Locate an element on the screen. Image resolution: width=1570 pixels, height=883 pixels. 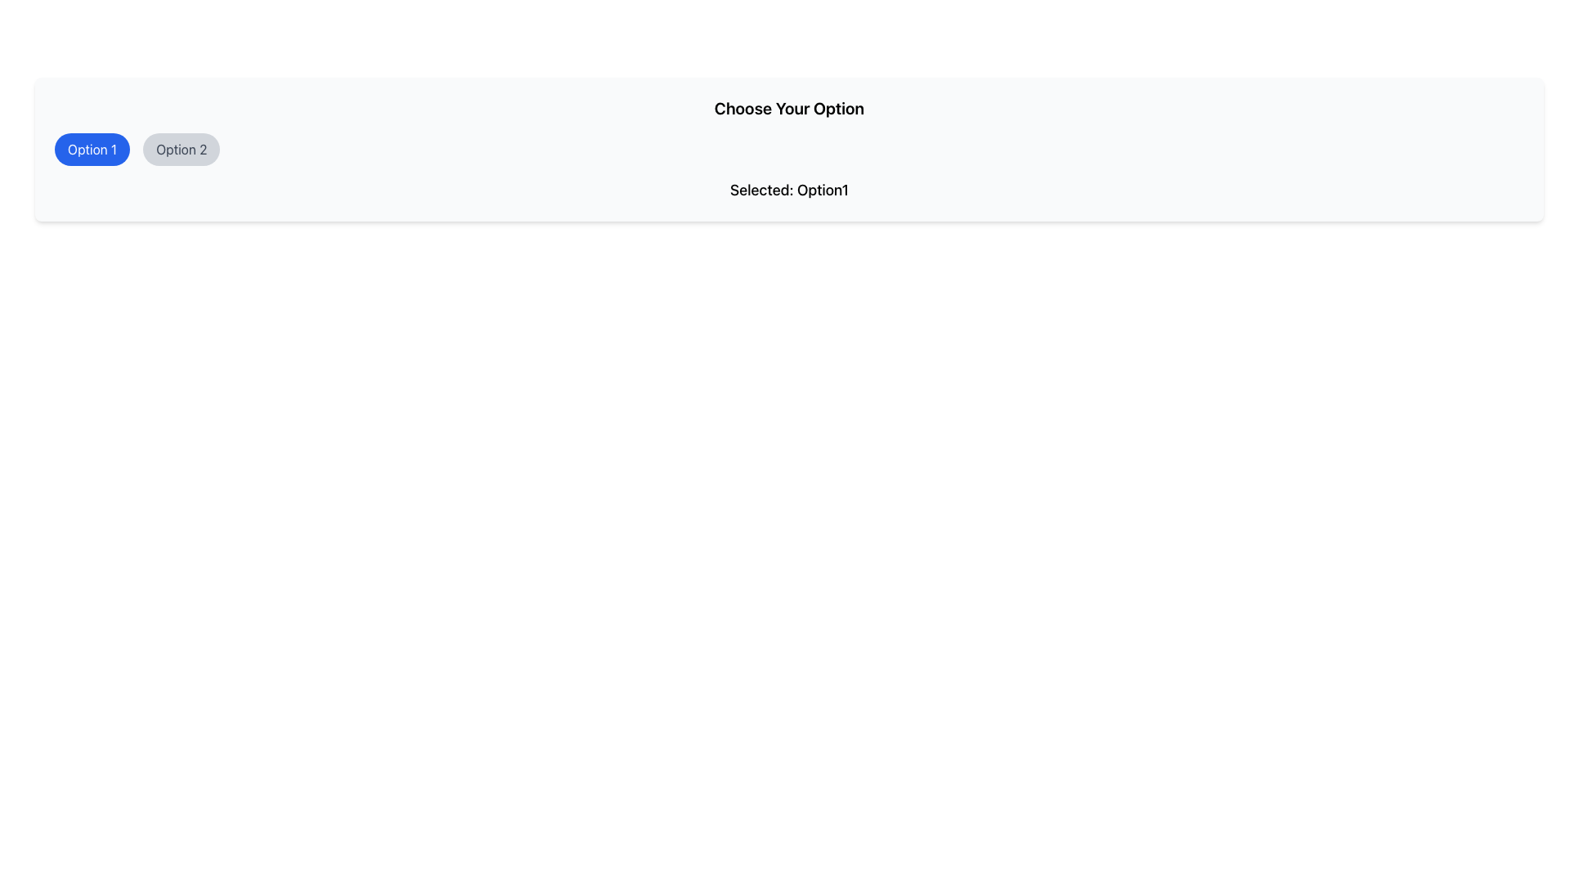
the circular button labeled 'Option 1' which has a blue background and white text, located on the left side of a row of buttons is located at coordinates (92, 149).